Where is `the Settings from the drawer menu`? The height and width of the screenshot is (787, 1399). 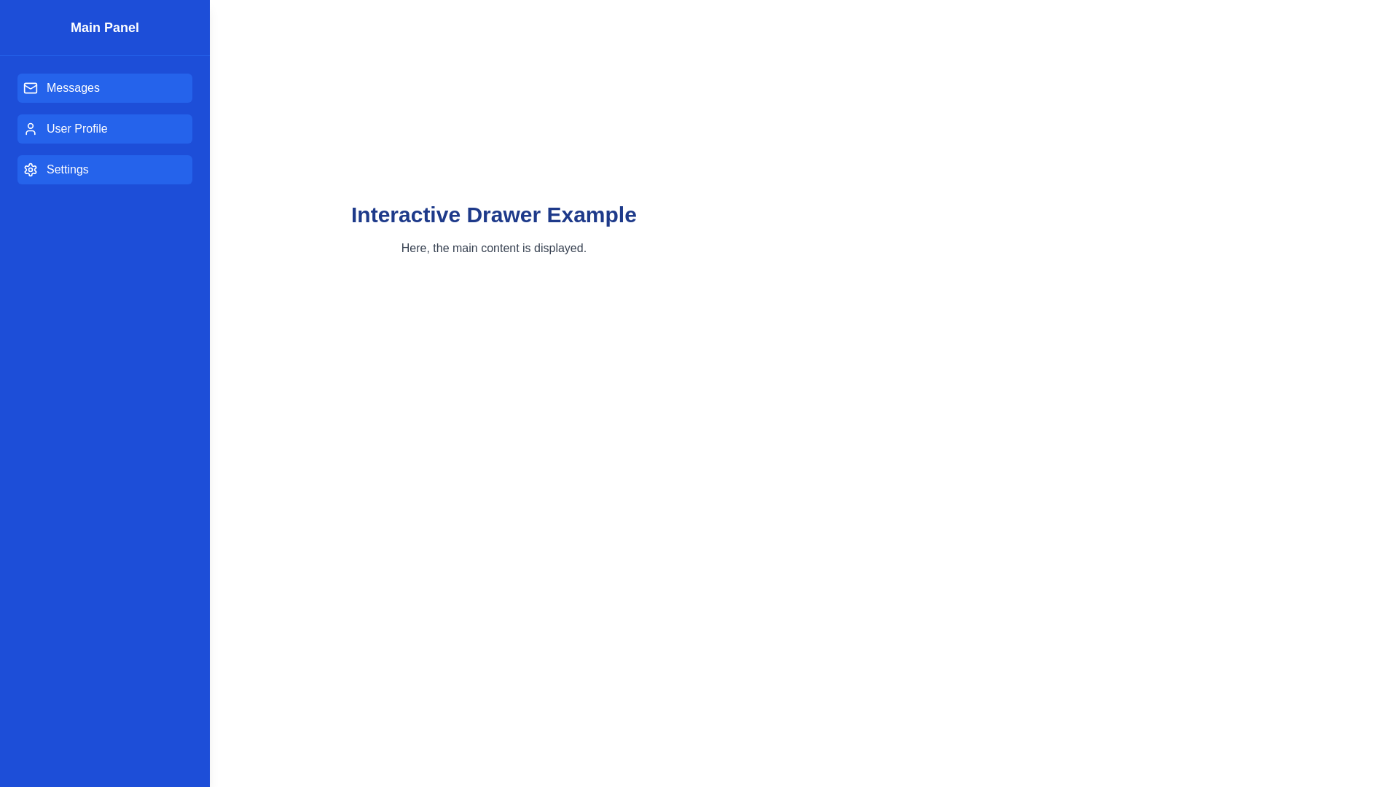
the Settings from the drawer menu is located at coordinates (104, 168).